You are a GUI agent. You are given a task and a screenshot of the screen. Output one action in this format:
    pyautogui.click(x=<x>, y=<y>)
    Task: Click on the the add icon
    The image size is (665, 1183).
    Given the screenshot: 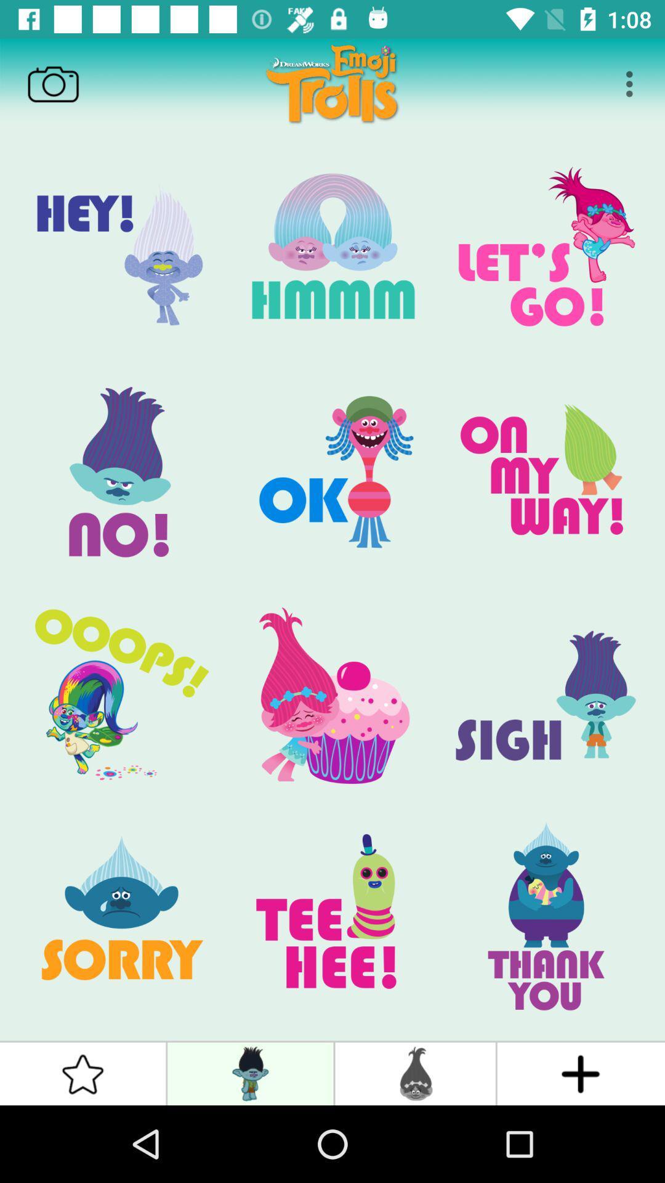 What is the action you would take?
    pyautogui.click(x=581, y=1073)
    